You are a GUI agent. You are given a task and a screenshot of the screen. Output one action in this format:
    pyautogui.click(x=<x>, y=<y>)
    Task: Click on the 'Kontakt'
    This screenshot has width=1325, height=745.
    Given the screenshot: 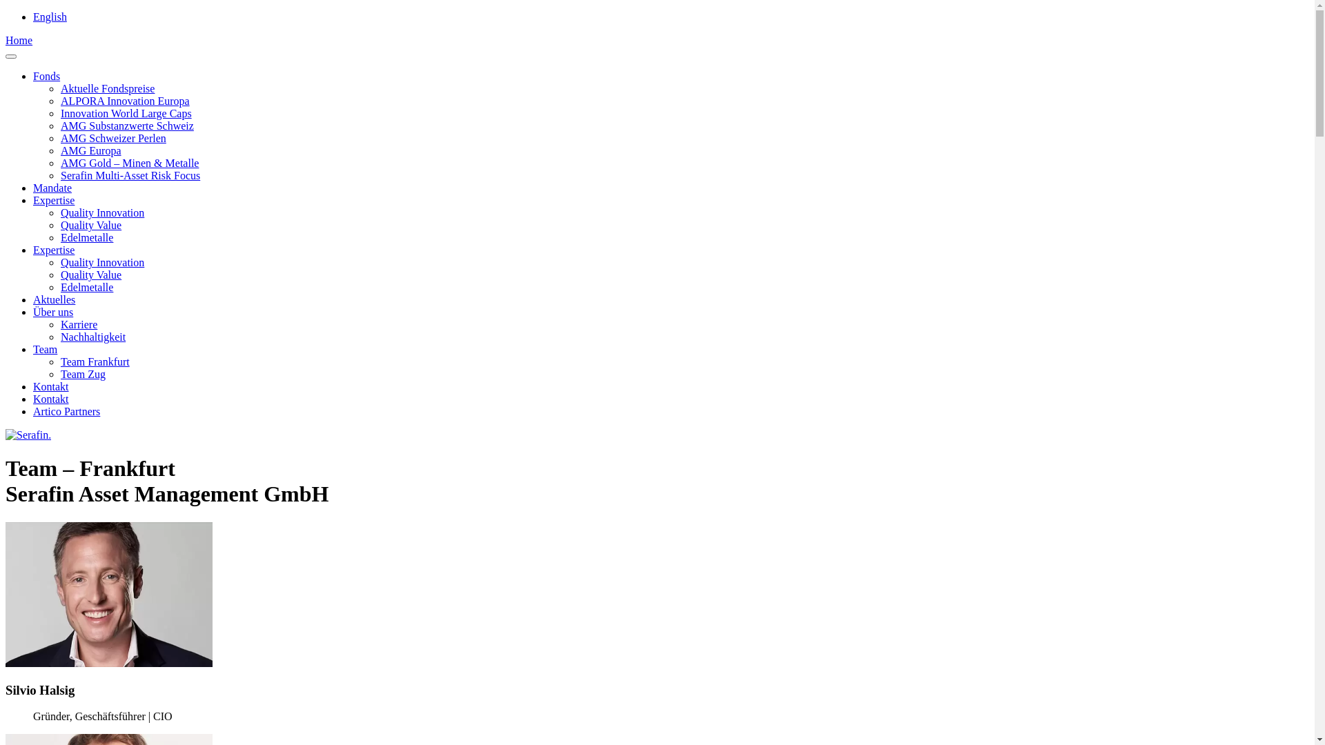 What is the action you would take?
    pyautogui.click(x=50, y=399)
    